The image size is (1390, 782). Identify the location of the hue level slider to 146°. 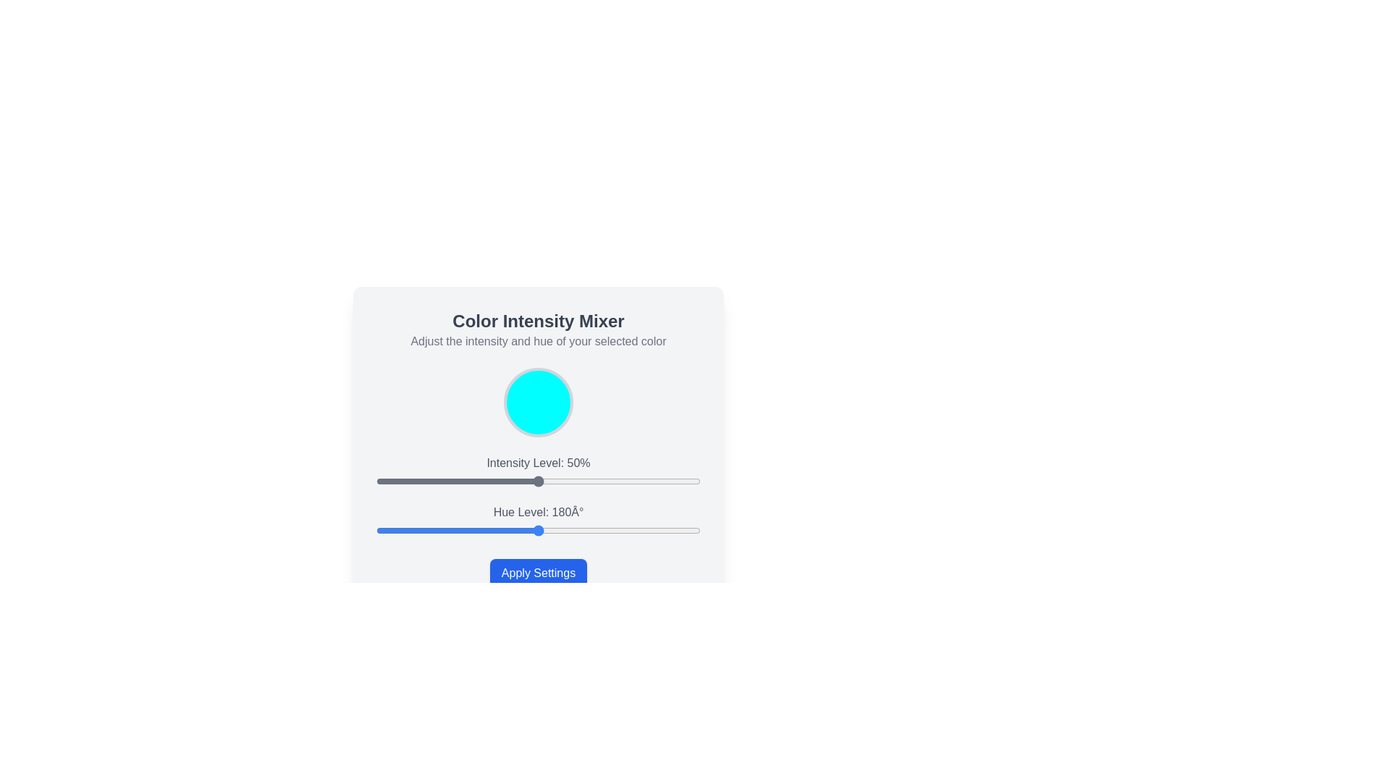
(507, 530).